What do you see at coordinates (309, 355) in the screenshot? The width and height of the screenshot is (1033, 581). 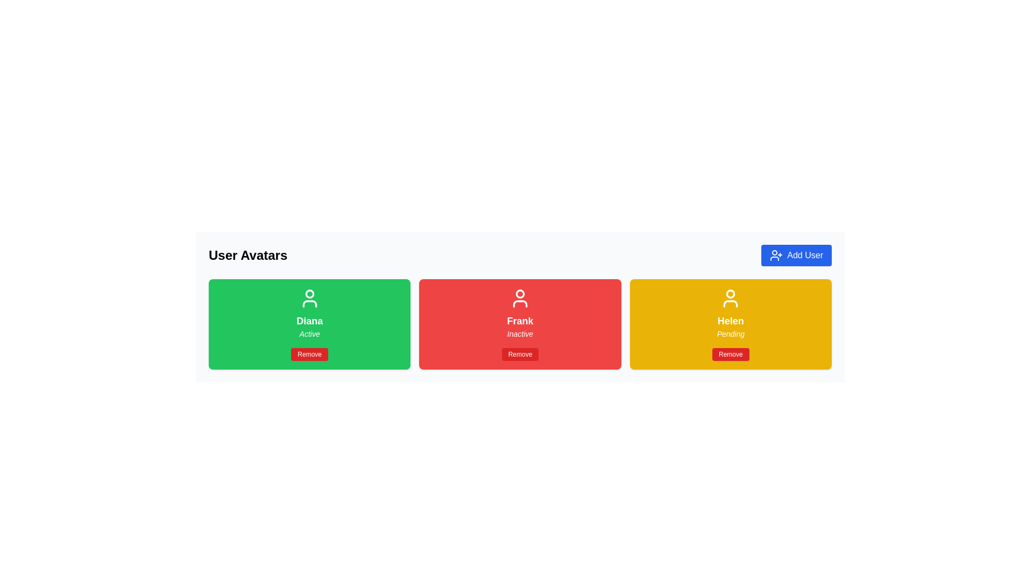 I see `the button located at the bottom of the green user profile card` at bounding box center [309, 355].